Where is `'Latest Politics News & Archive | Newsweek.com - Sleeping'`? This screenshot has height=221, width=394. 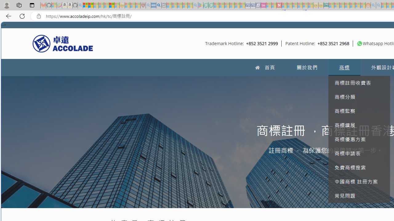
'Latest Politics News & Archive | Newsweek.com - Sleeping' is located at coordinates (279, 5).